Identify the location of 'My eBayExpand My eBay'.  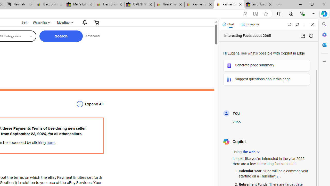
(64, 22).